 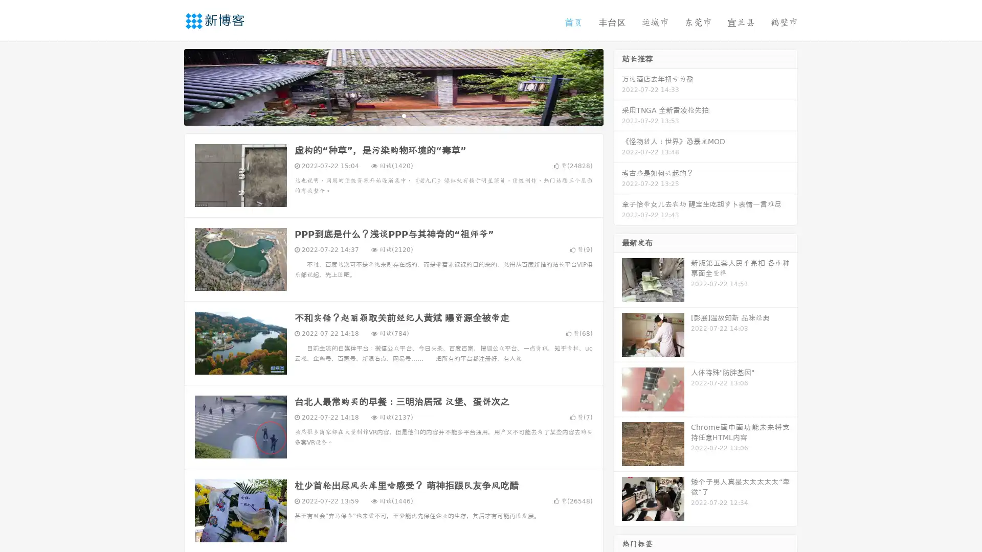 I want to click on Previous slide, so click(x=169, y=86).